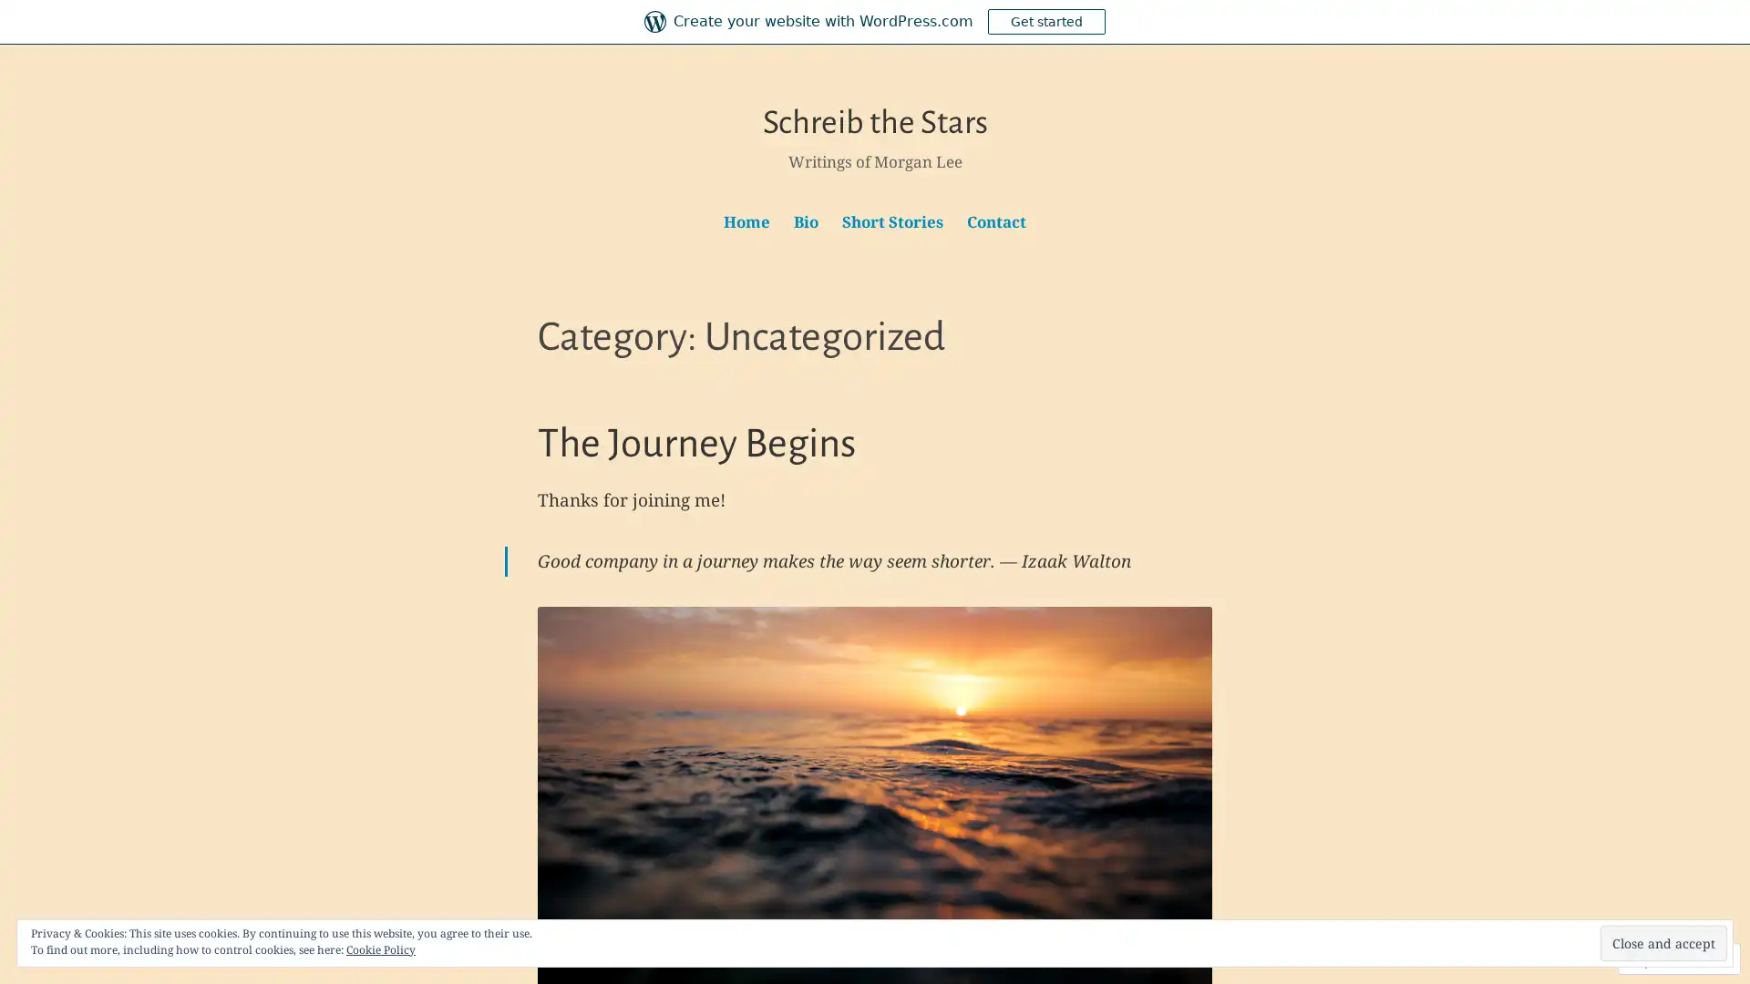 This screenshot has height=984, width=1750. Describe the element at coordinates (1663, 943) in the screenshot. I see `Close and accept` at that location.